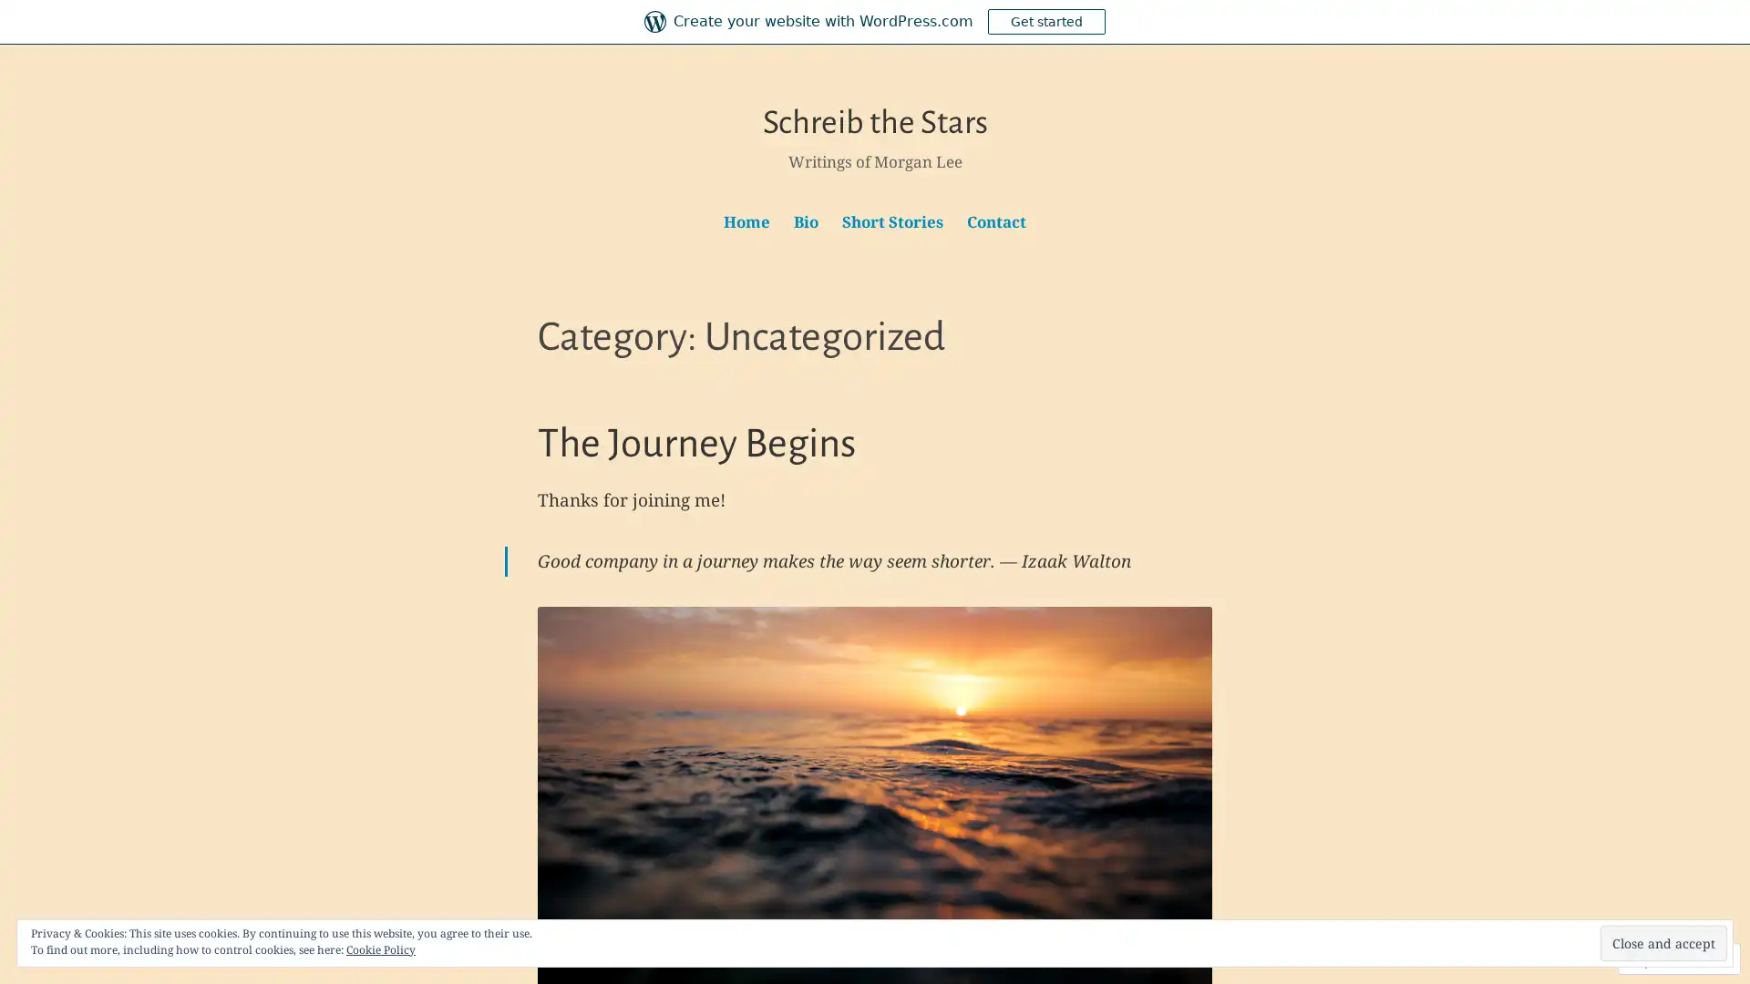 This screenshot has height=984, width=1750. Describe the element at coordinates (1663, 943) in the screenshot. I see `Close and accept` at that location.